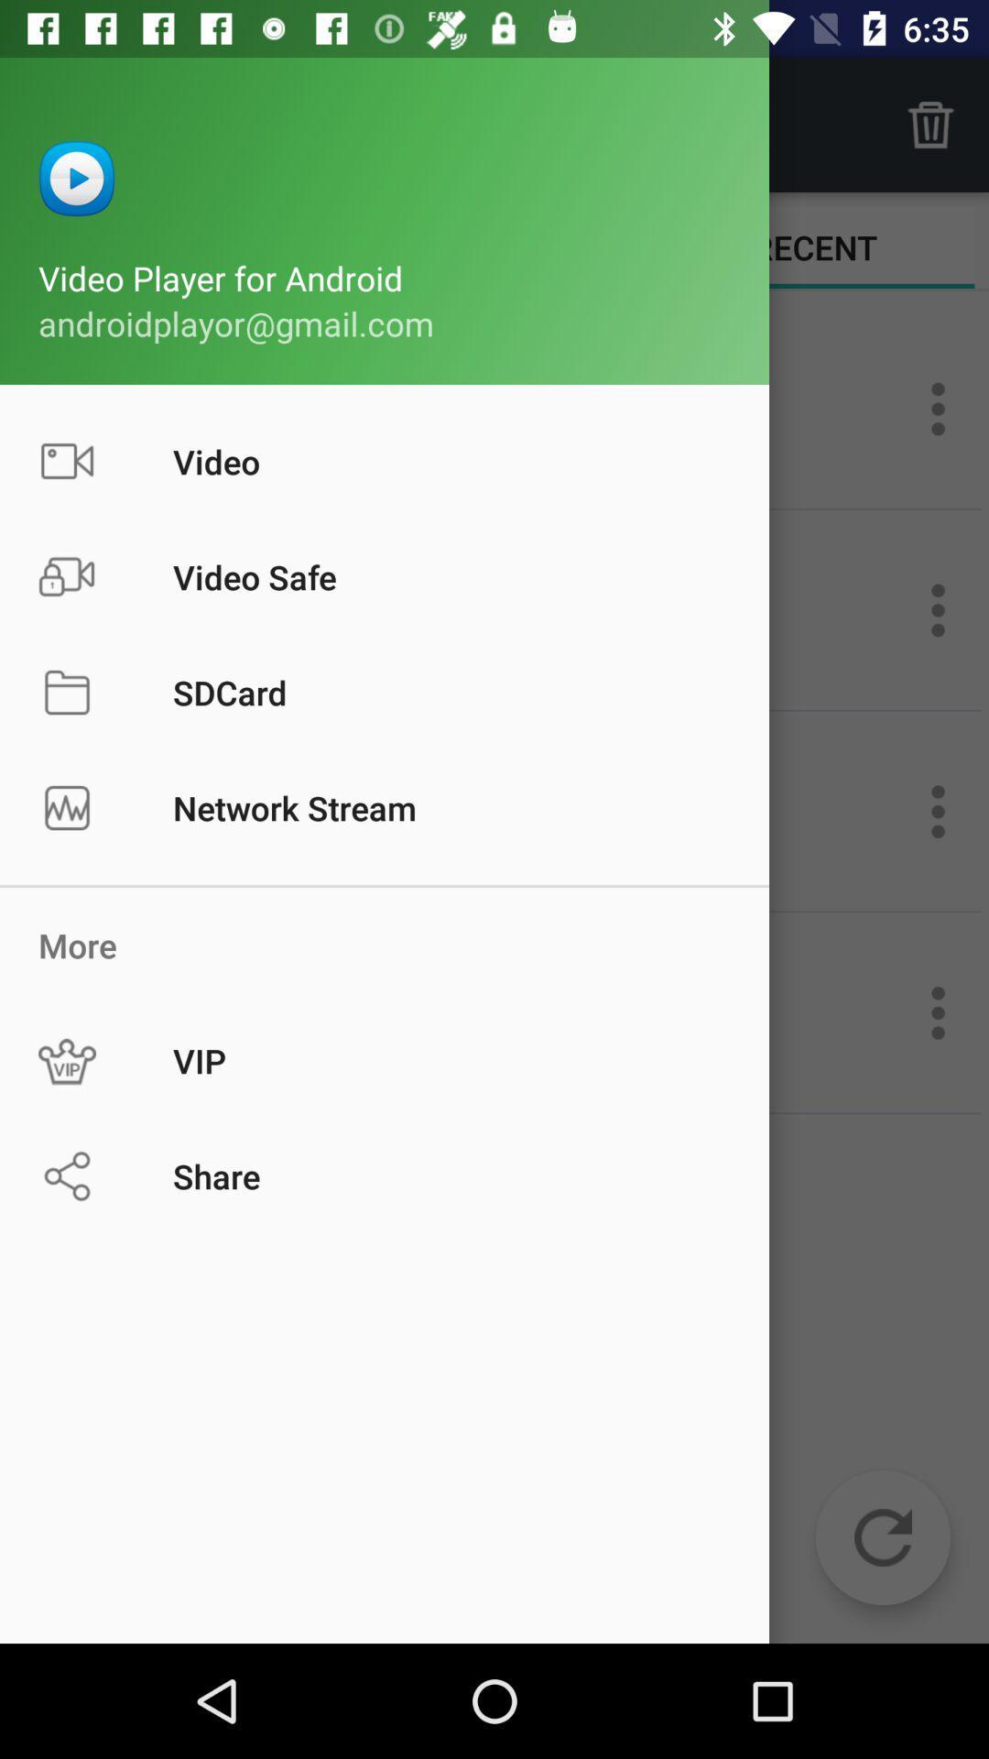 This screenshot has width=989, height=1759. What do you see at coordinates (882, 1537) in the screenshot?
I see `the refresh icon` at bounding box center [882, 1537].